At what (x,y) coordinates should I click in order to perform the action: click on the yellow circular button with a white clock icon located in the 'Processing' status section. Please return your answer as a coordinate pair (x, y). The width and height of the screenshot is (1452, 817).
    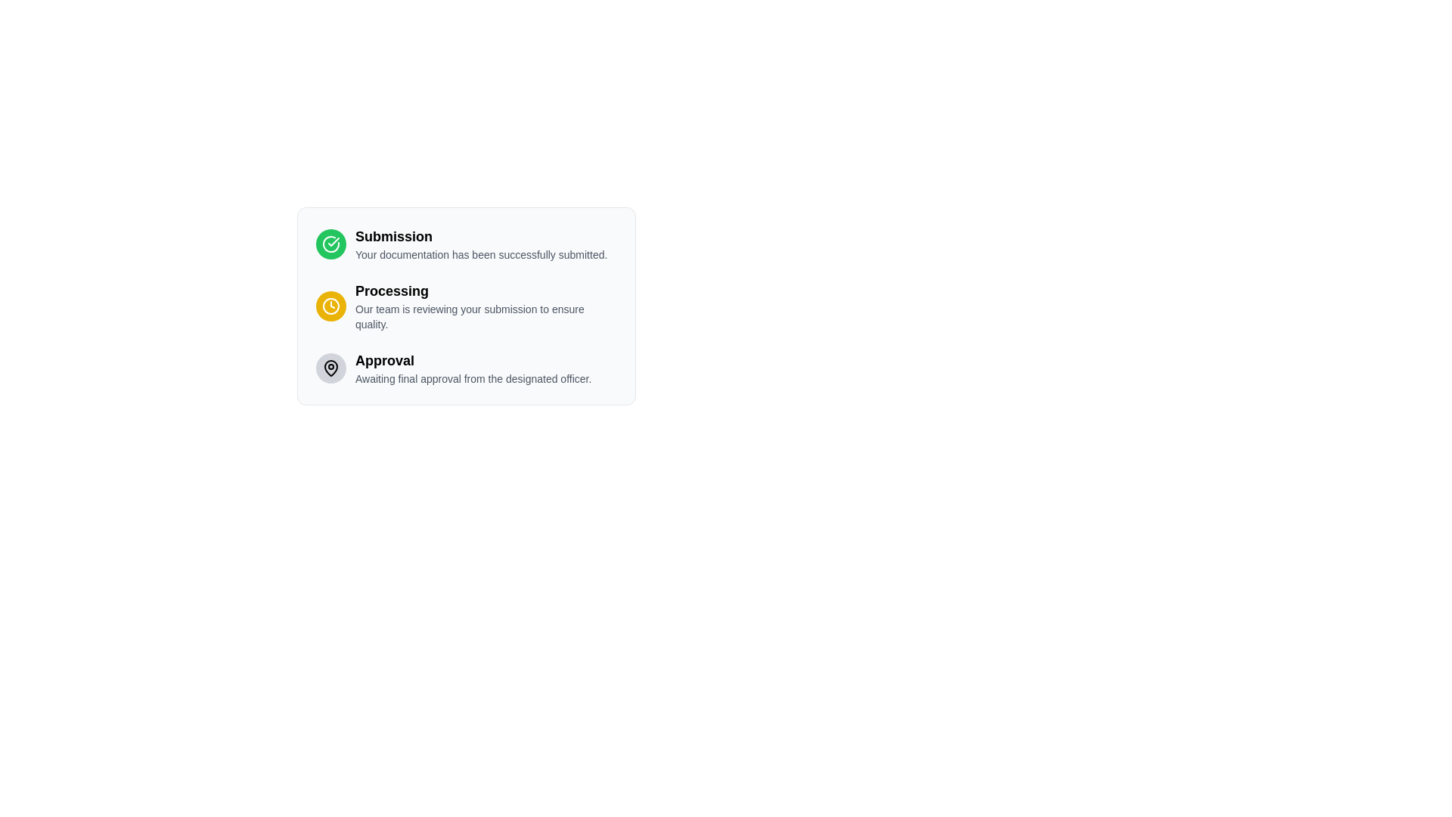
    Looking at the image, I should click on (330, 306).